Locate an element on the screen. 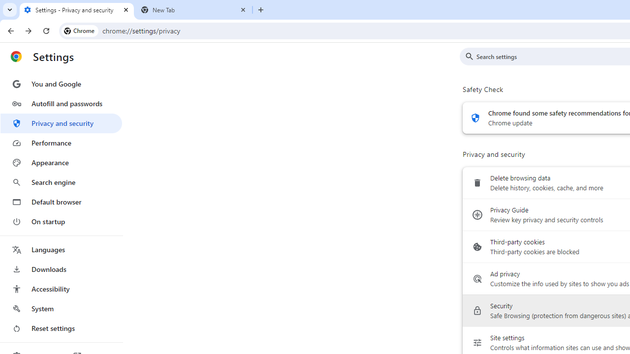 The image size is (630, 354). 'New Tab' is located at coordinates (194, 10).